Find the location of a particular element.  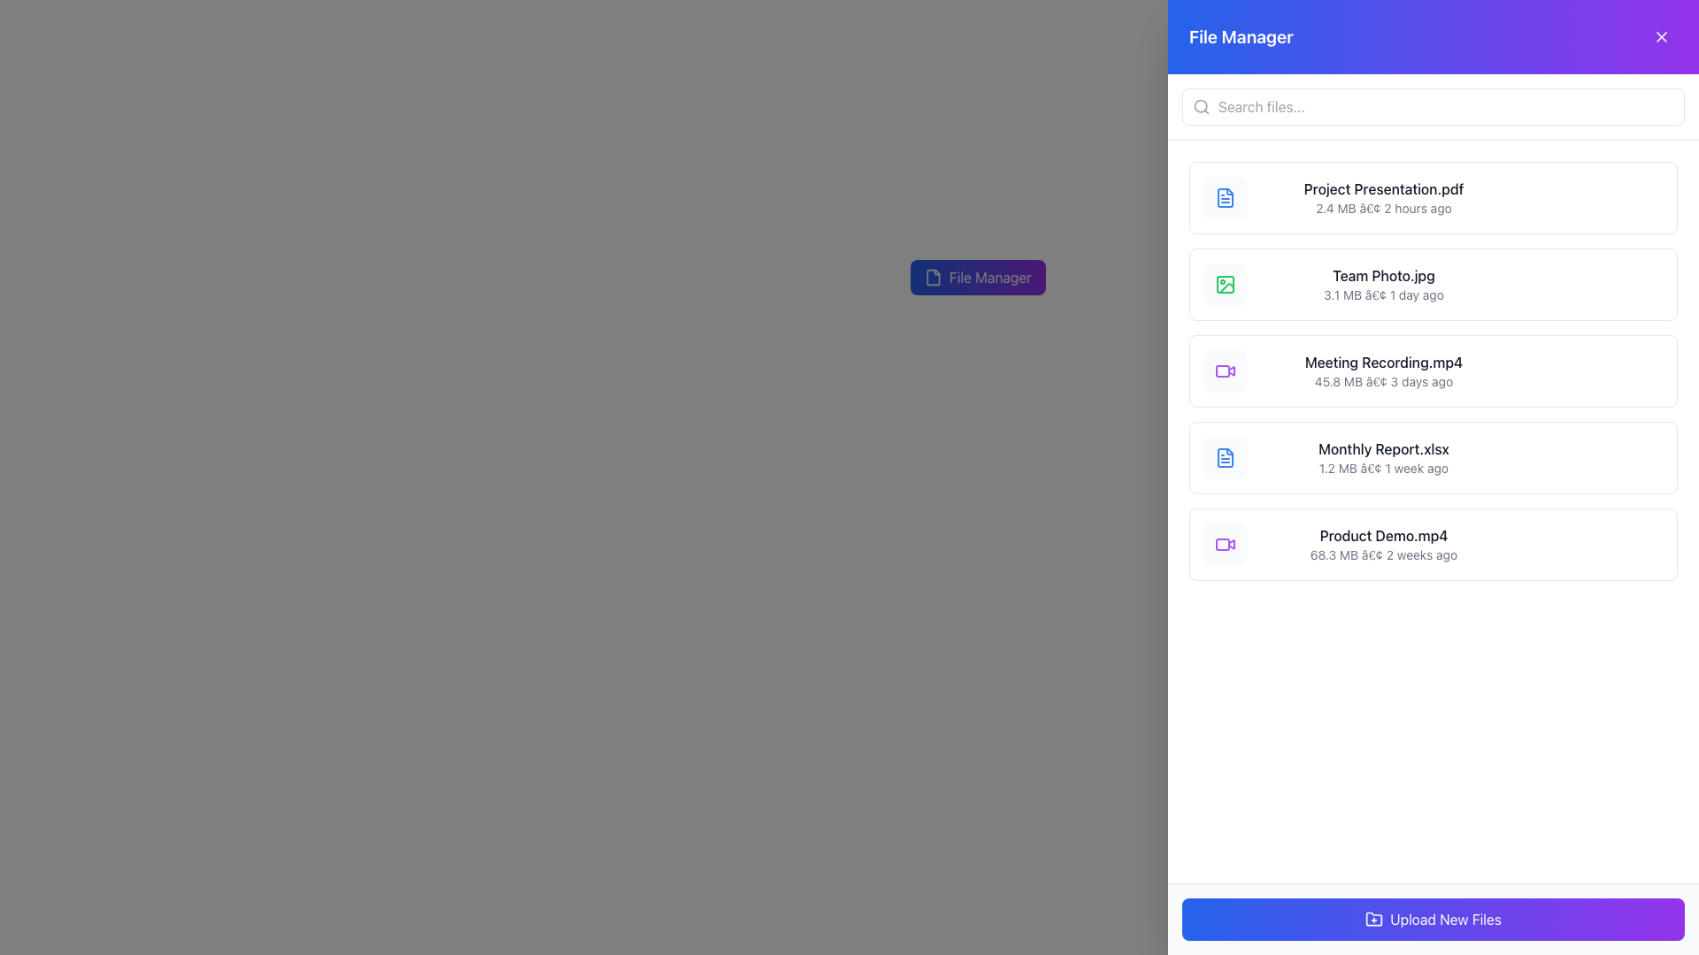

the 'Upload New Files' button, which is a rectangular button with a gradient background from blue to purple, located at the bottom center of the panel, beneath a list of files is located at coordinates (1434, 919).